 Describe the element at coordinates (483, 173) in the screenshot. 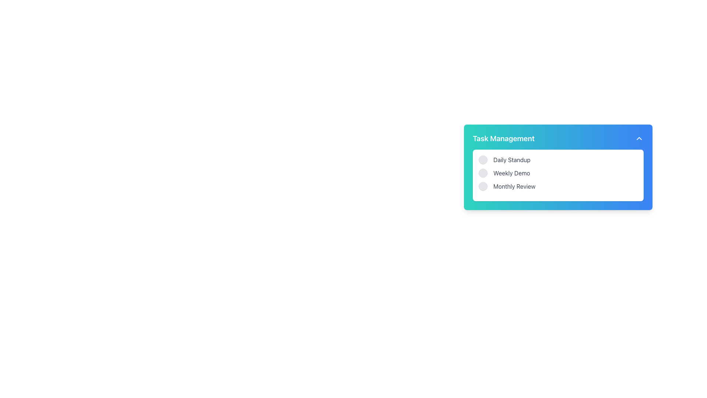

I see `the second circular Checkbox button next to the text 'Weekly Demo' in the 'Task Management' card` at that location.